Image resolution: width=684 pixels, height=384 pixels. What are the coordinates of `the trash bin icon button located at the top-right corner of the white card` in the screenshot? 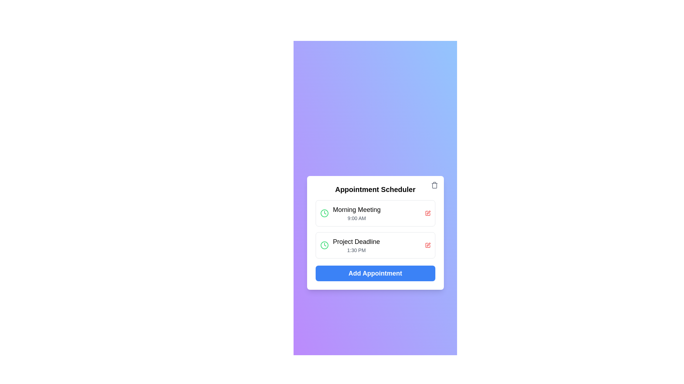 It's located at (434, 185).